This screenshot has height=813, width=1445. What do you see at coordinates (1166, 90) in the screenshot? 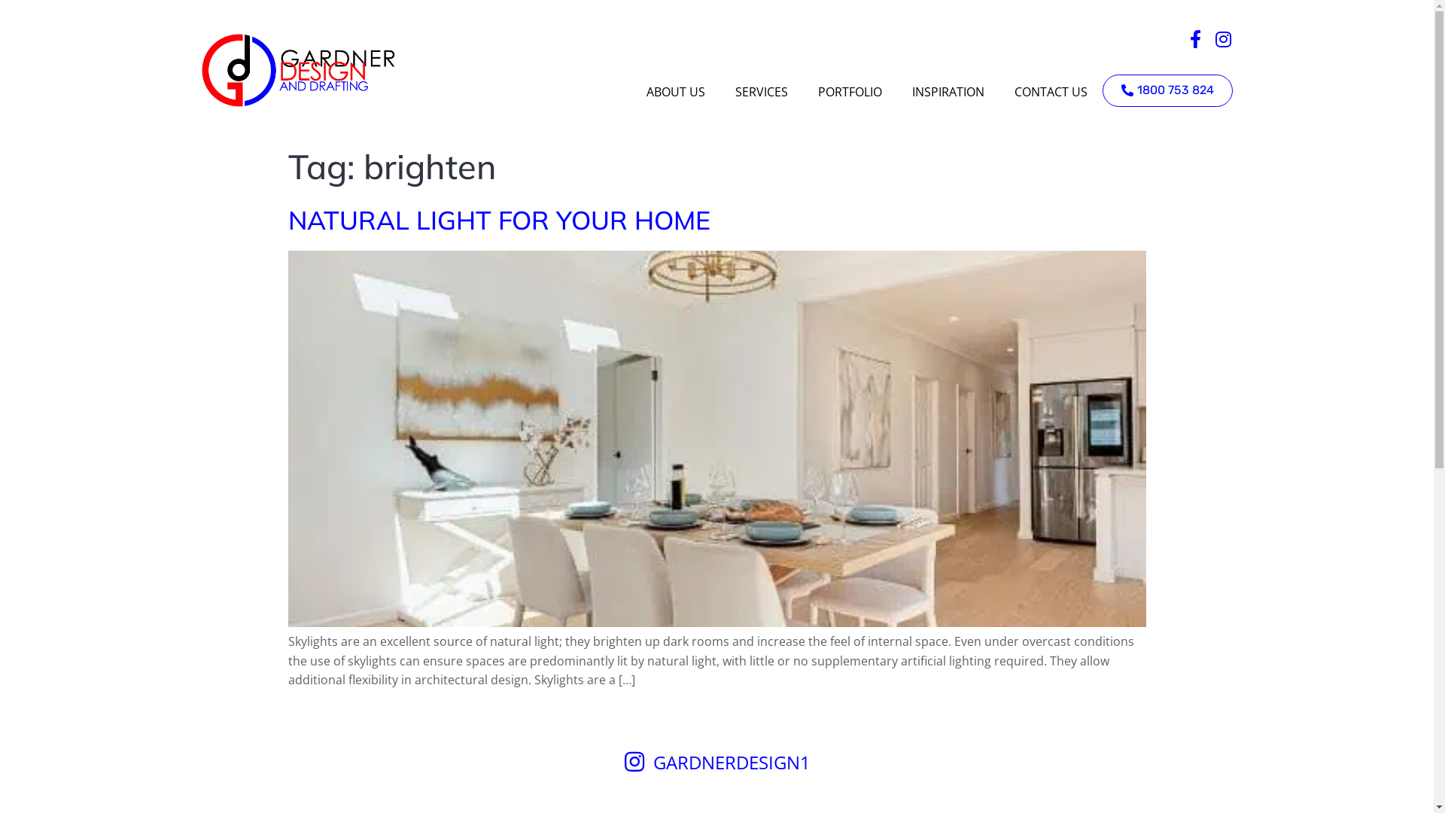
I see `'1800 753 824'` at bounding box center [1166, 90].